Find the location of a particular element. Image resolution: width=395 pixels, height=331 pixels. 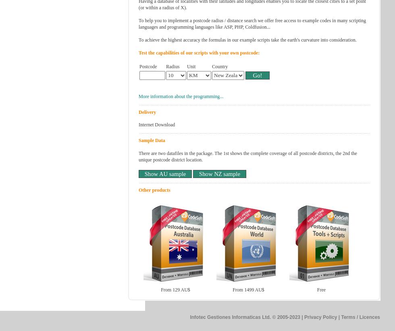

'Free' is located at coordinates (321, 289).